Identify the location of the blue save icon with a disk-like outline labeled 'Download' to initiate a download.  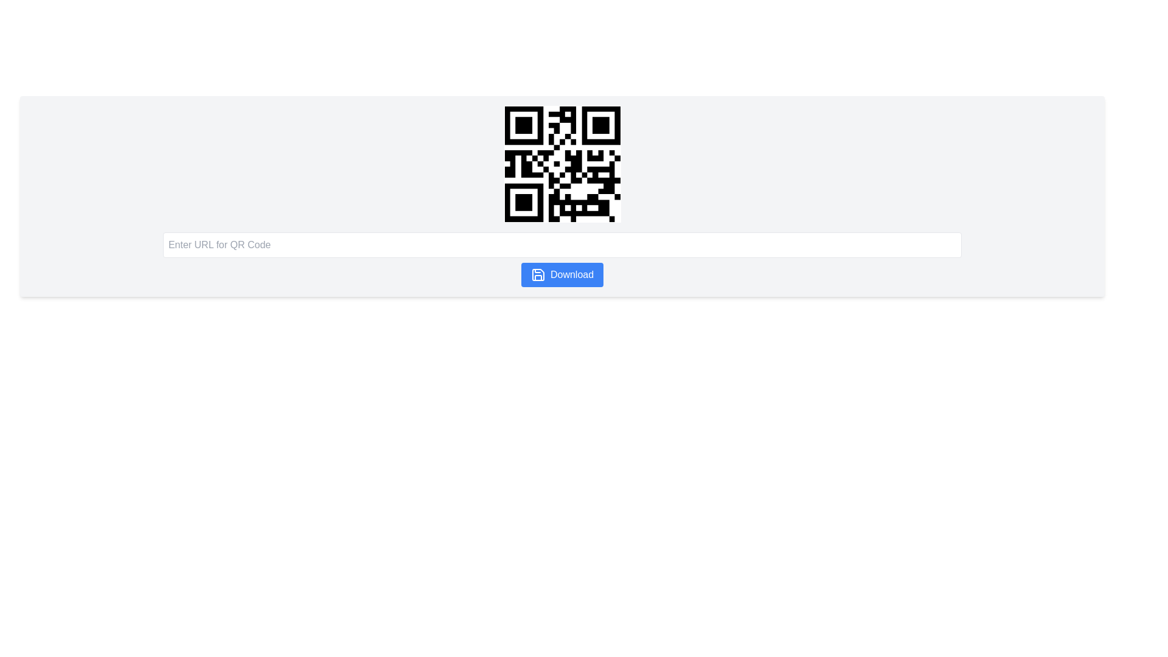
(537, 274).